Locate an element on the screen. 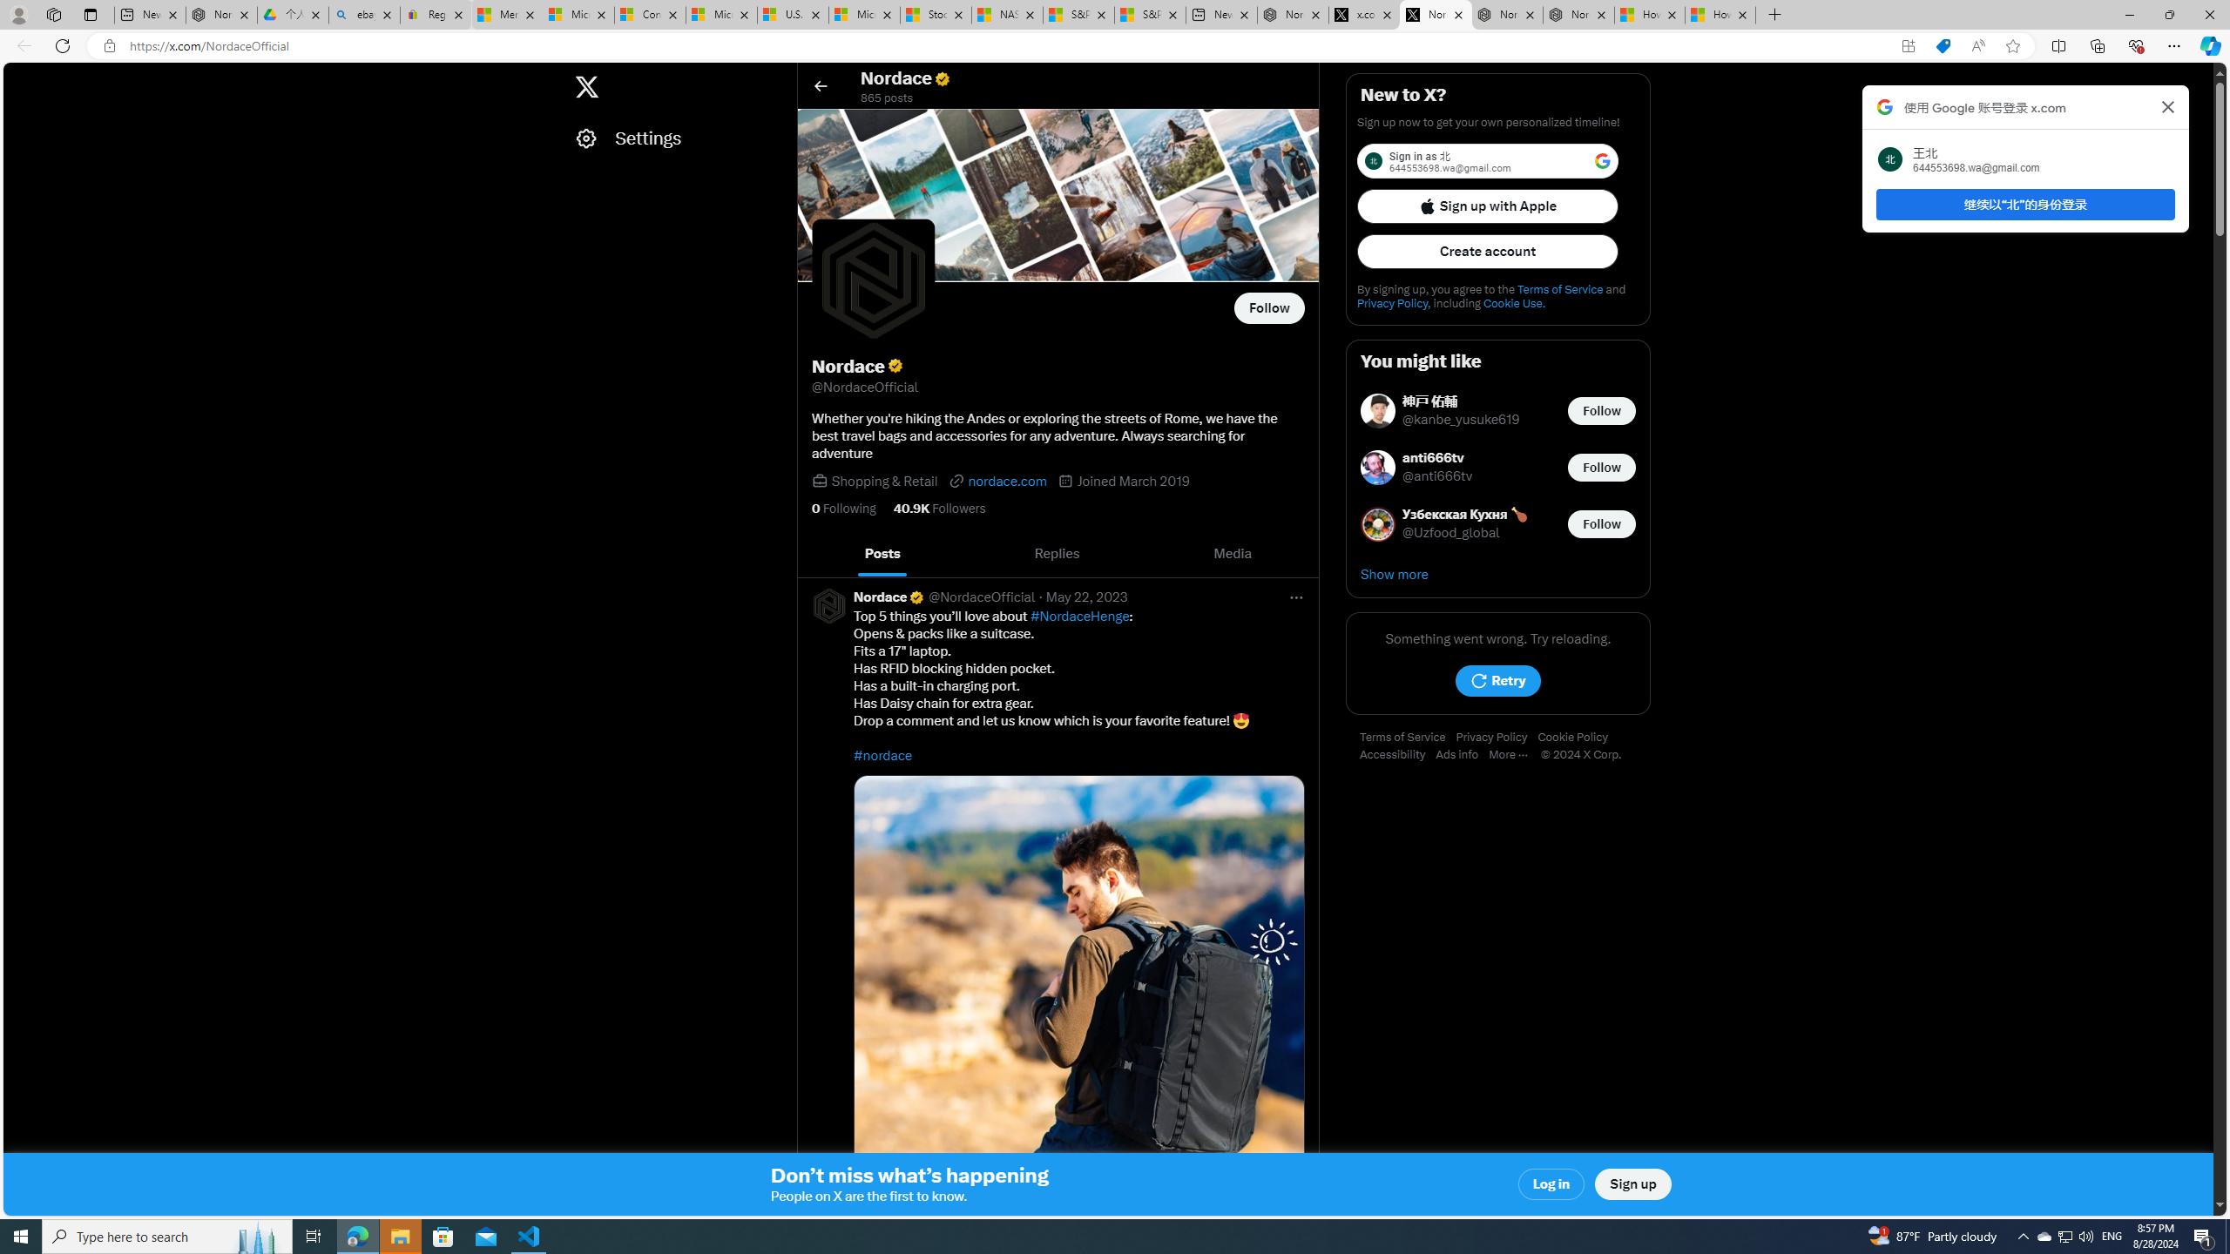 This screenshot has height=1254, width=2230. 'Register: Create a personal eBay account' is located at coordinates (436, 14).